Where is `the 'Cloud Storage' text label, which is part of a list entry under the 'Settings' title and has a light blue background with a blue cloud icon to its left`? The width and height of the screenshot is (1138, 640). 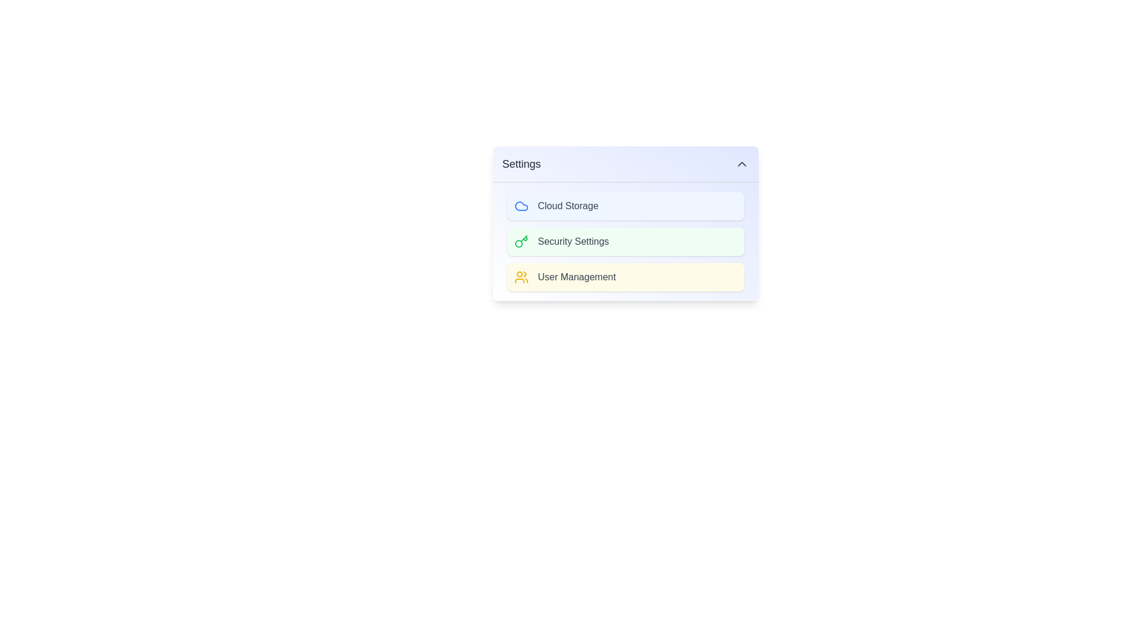 the 'Cloud Storage' text label, which is part of a list entry under the 'Settings' title and has a light blue background with a blue cloud icon to its left is located at coordinates (567, 205).